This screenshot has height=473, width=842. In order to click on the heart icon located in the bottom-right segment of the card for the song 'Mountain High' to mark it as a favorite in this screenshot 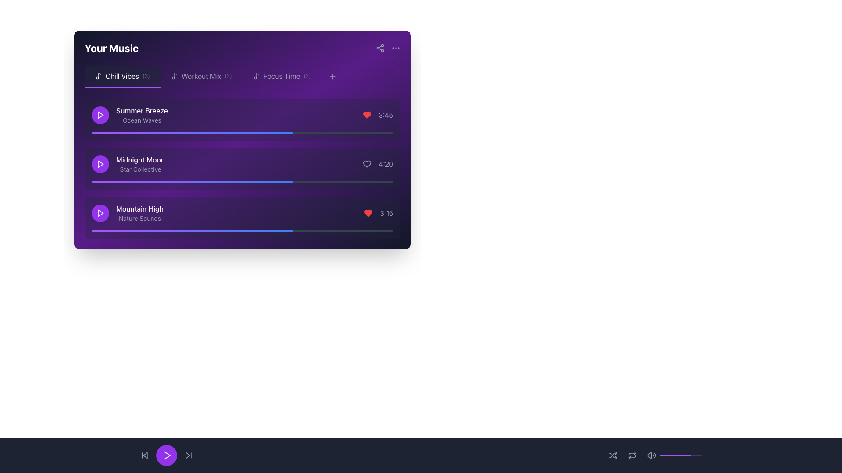, I will do `click(378, 213)`.